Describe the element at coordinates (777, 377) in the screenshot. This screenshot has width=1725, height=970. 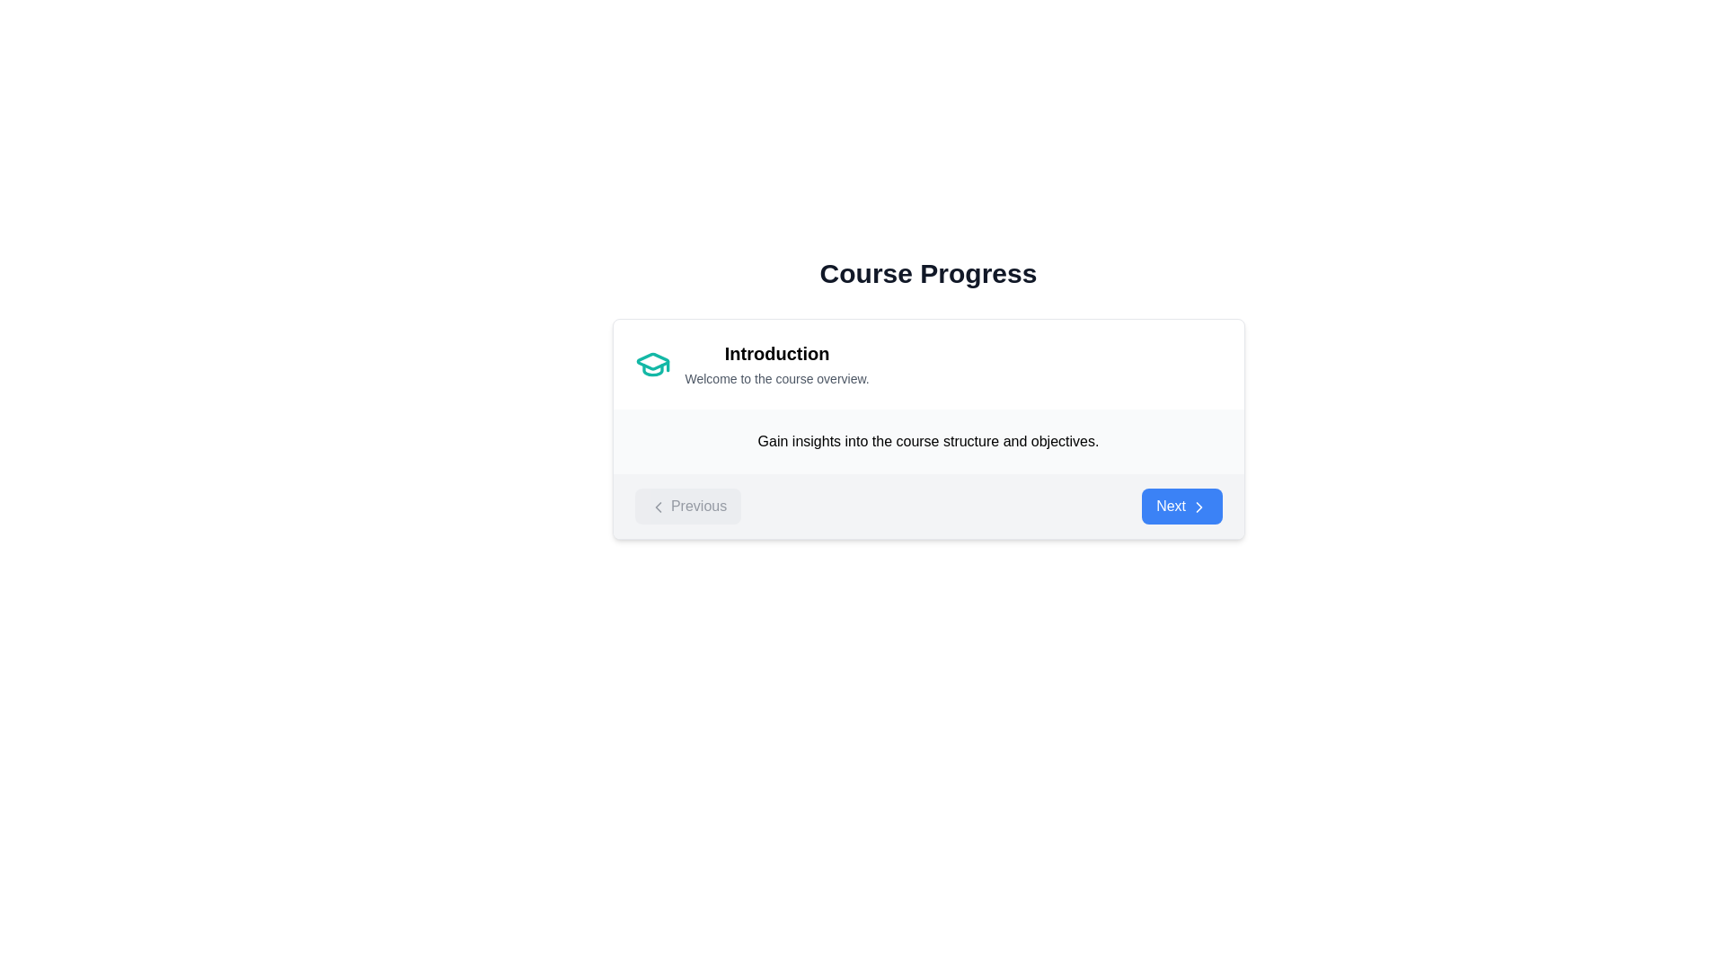
I see `the text block that reads 'Welcome to the course overview.' located directly beneath the 'Introduction' heading` at that location.